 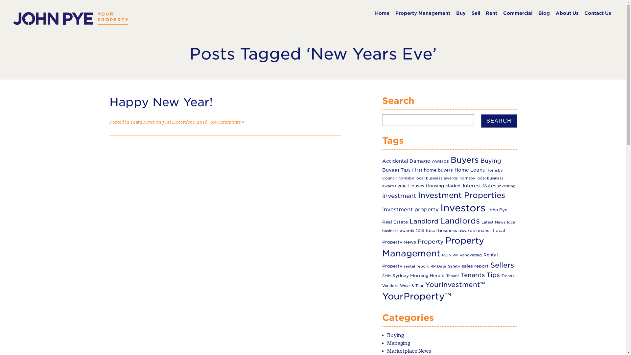 What do you see at coordinates (411, 285) in the screenshot?
I see `'Wear & Tear'` at bounding box center [411, 285].